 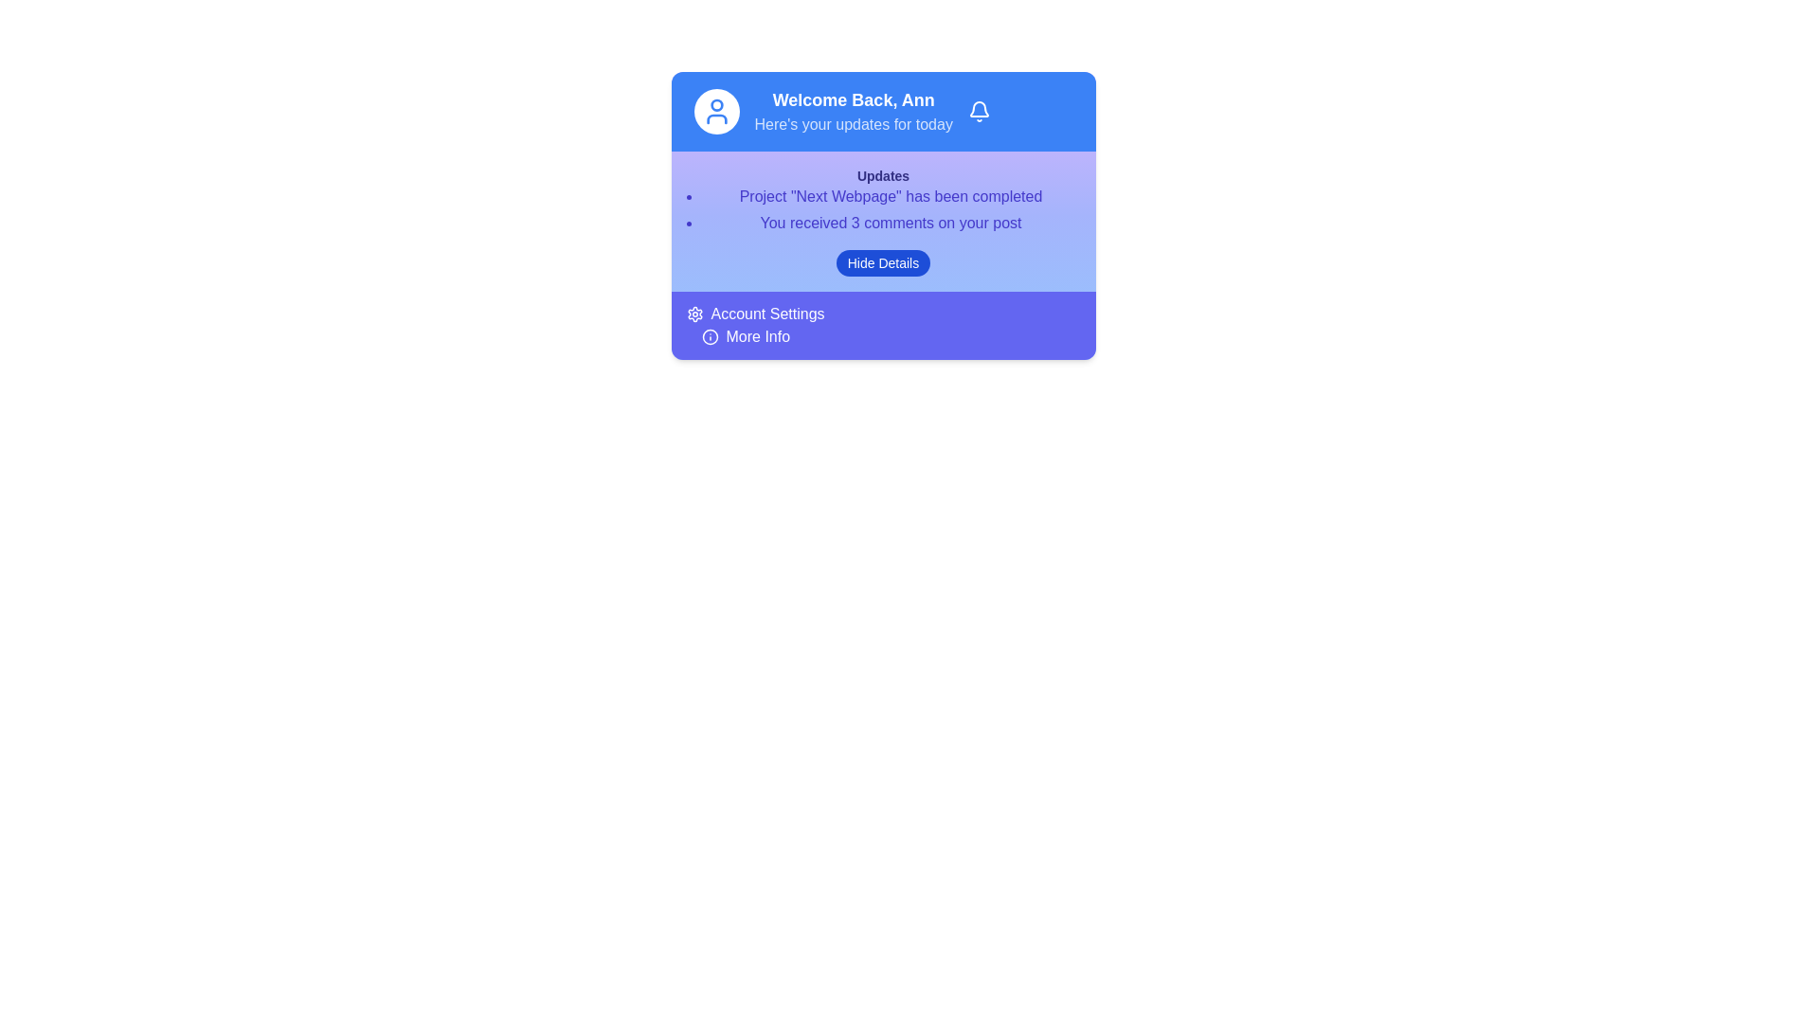 I want to click on the greeting message Textual Display located at the top-center of the card component, positioned between the profile icon and the notification bell icon, so click(x=853, y=112).